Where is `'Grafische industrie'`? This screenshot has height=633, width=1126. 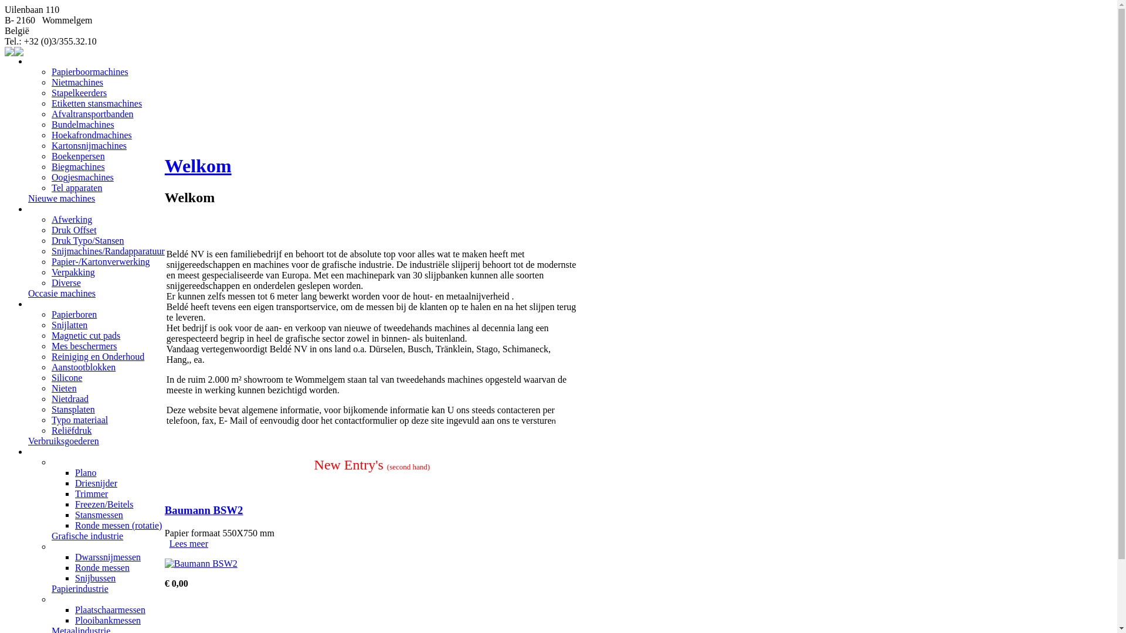
'Grafische industrie' is located at coordinates (50, 536).